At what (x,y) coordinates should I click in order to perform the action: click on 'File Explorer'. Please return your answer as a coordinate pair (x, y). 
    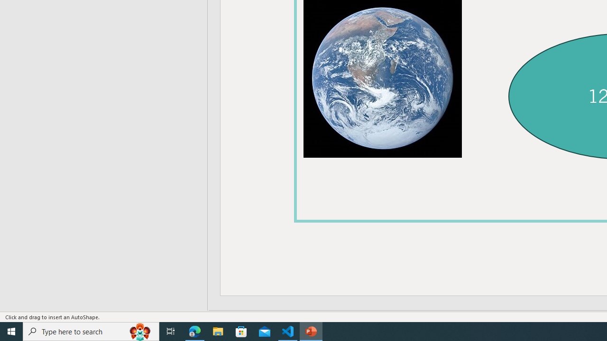
    Looking at the image, I should click on (218, 331).